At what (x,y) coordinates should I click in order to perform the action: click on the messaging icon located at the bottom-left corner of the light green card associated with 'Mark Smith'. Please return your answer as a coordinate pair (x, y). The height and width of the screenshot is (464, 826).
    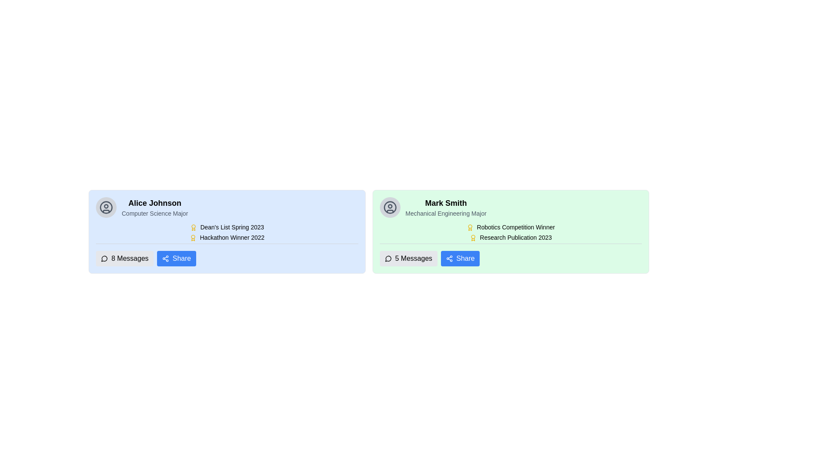
    Looking at the image, I should click on (388, 258).